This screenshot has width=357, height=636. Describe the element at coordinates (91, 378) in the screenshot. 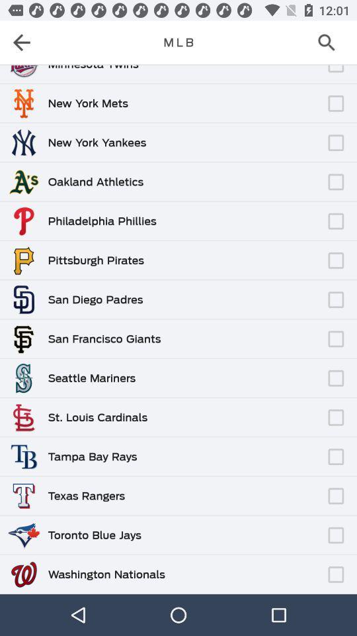

I see `the seattle mariners item` at that location.